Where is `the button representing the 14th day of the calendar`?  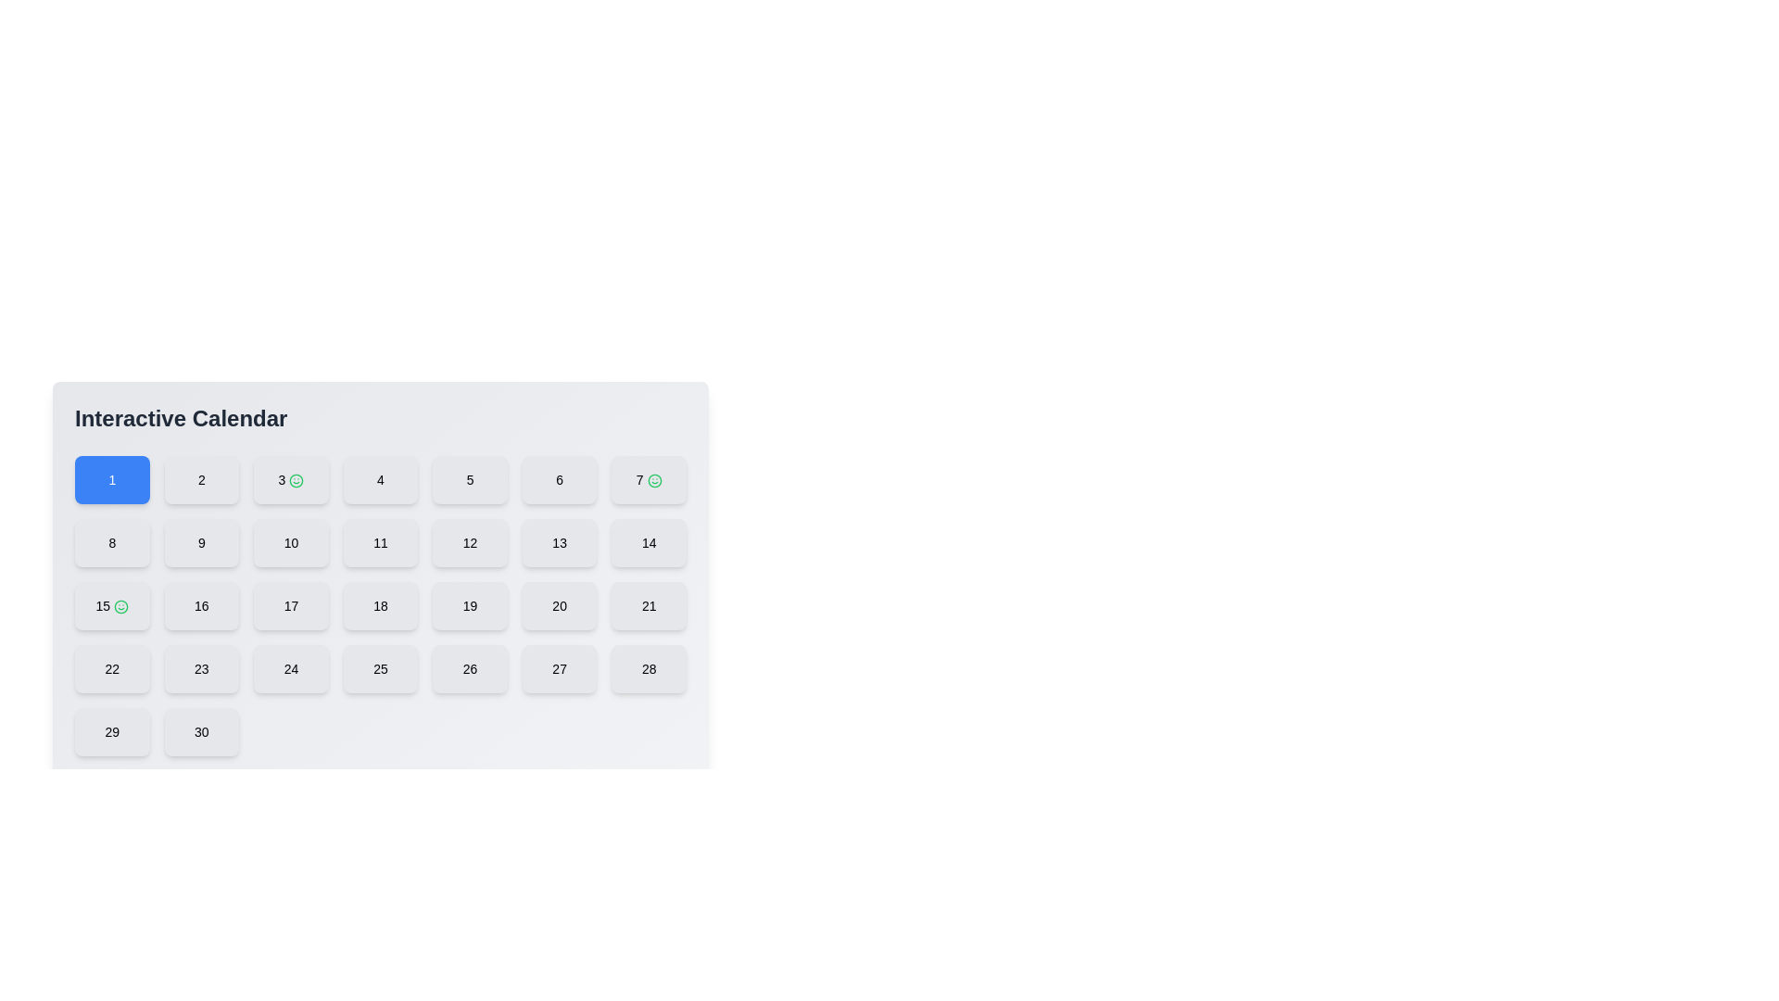
the button representing the 14th day of the calendar is located at coordinates (649, 542).